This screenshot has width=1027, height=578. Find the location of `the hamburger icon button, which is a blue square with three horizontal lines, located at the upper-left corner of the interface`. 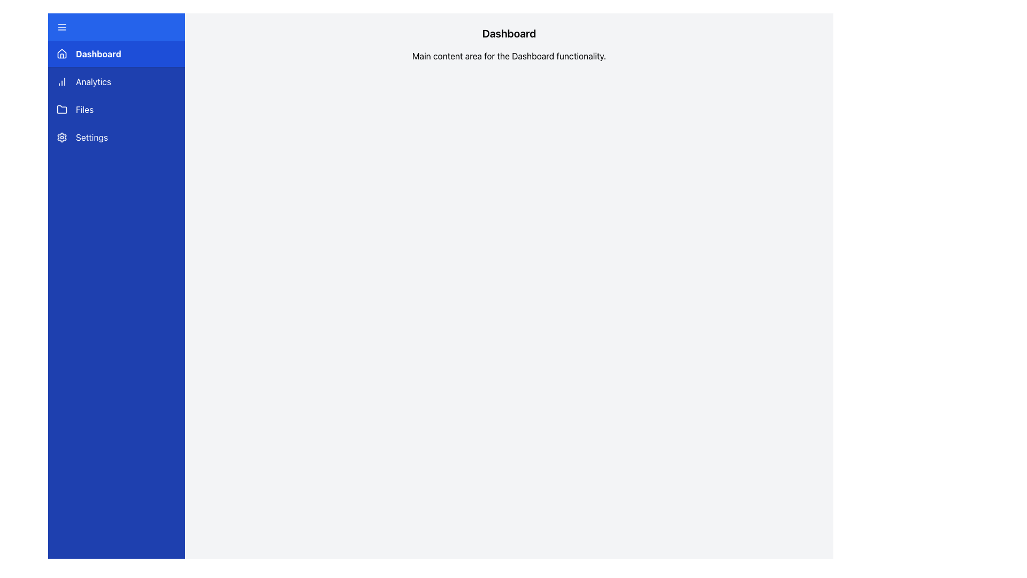

the hamburger icon button, which is a blue square with three horizontal lines, located at the upper-left corner of the interface is located at coordinates (61, 26).